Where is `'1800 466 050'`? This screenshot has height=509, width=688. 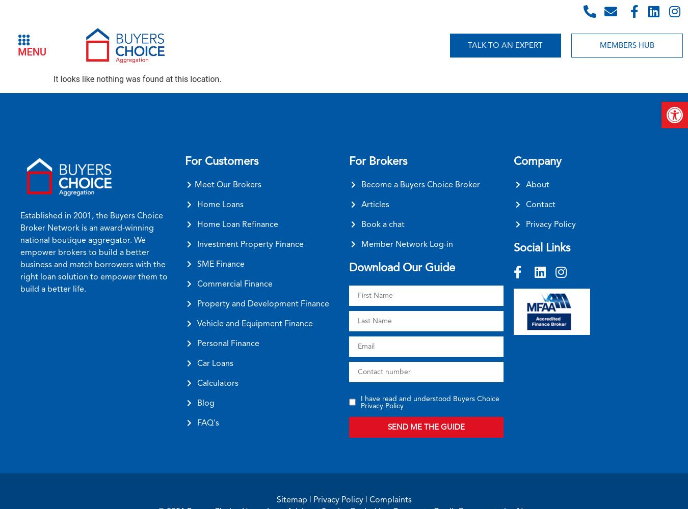
'1800 466 050' is located at coordinates (623, 11).